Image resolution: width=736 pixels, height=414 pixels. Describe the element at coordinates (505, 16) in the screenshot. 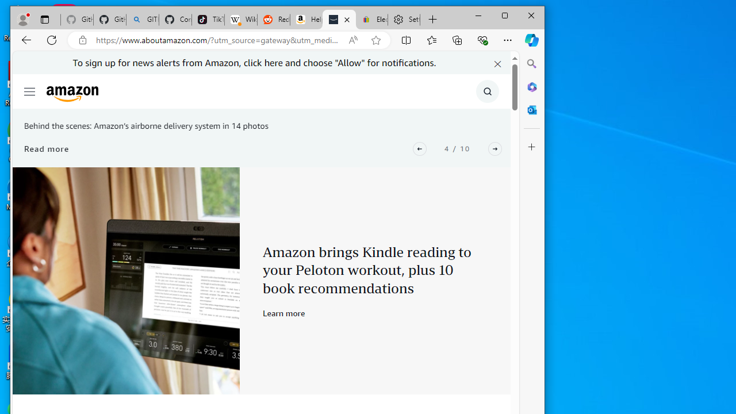

I see `'Maximize'` at that location.